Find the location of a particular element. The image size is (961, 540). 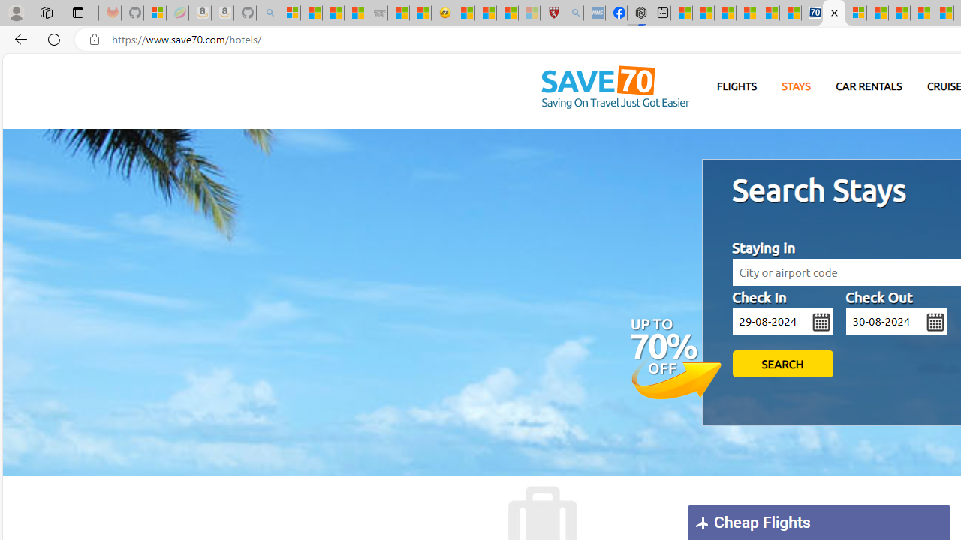

'Homepage' is located at coordinates (615, 88).